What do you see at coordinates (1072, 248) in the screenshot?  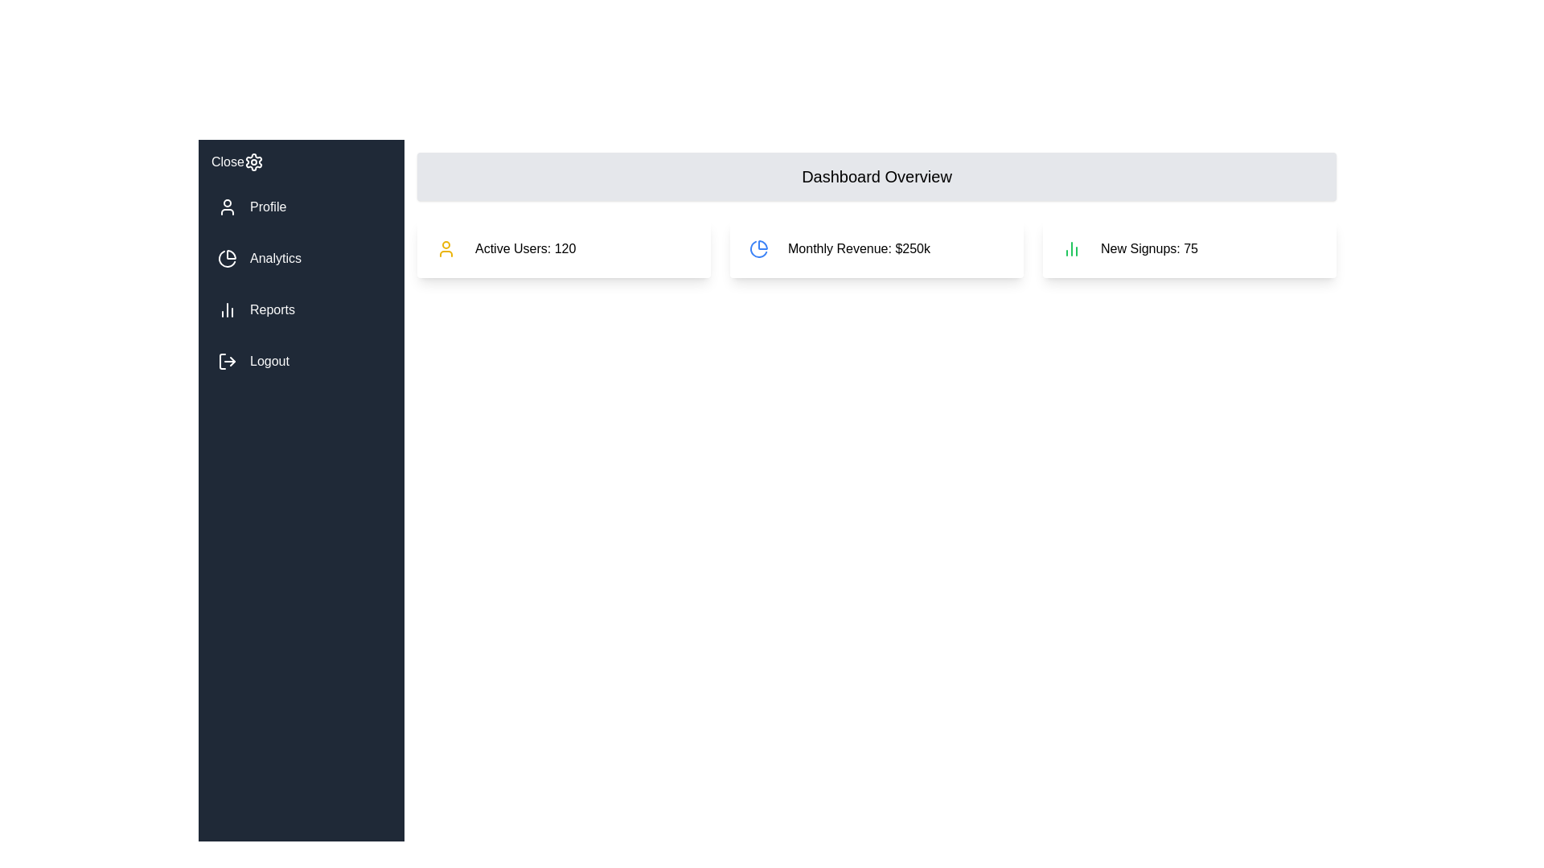 I see `the green histogram icon located to the left of the text 'New Signups: 75'` at bounding box center [1072, 248].